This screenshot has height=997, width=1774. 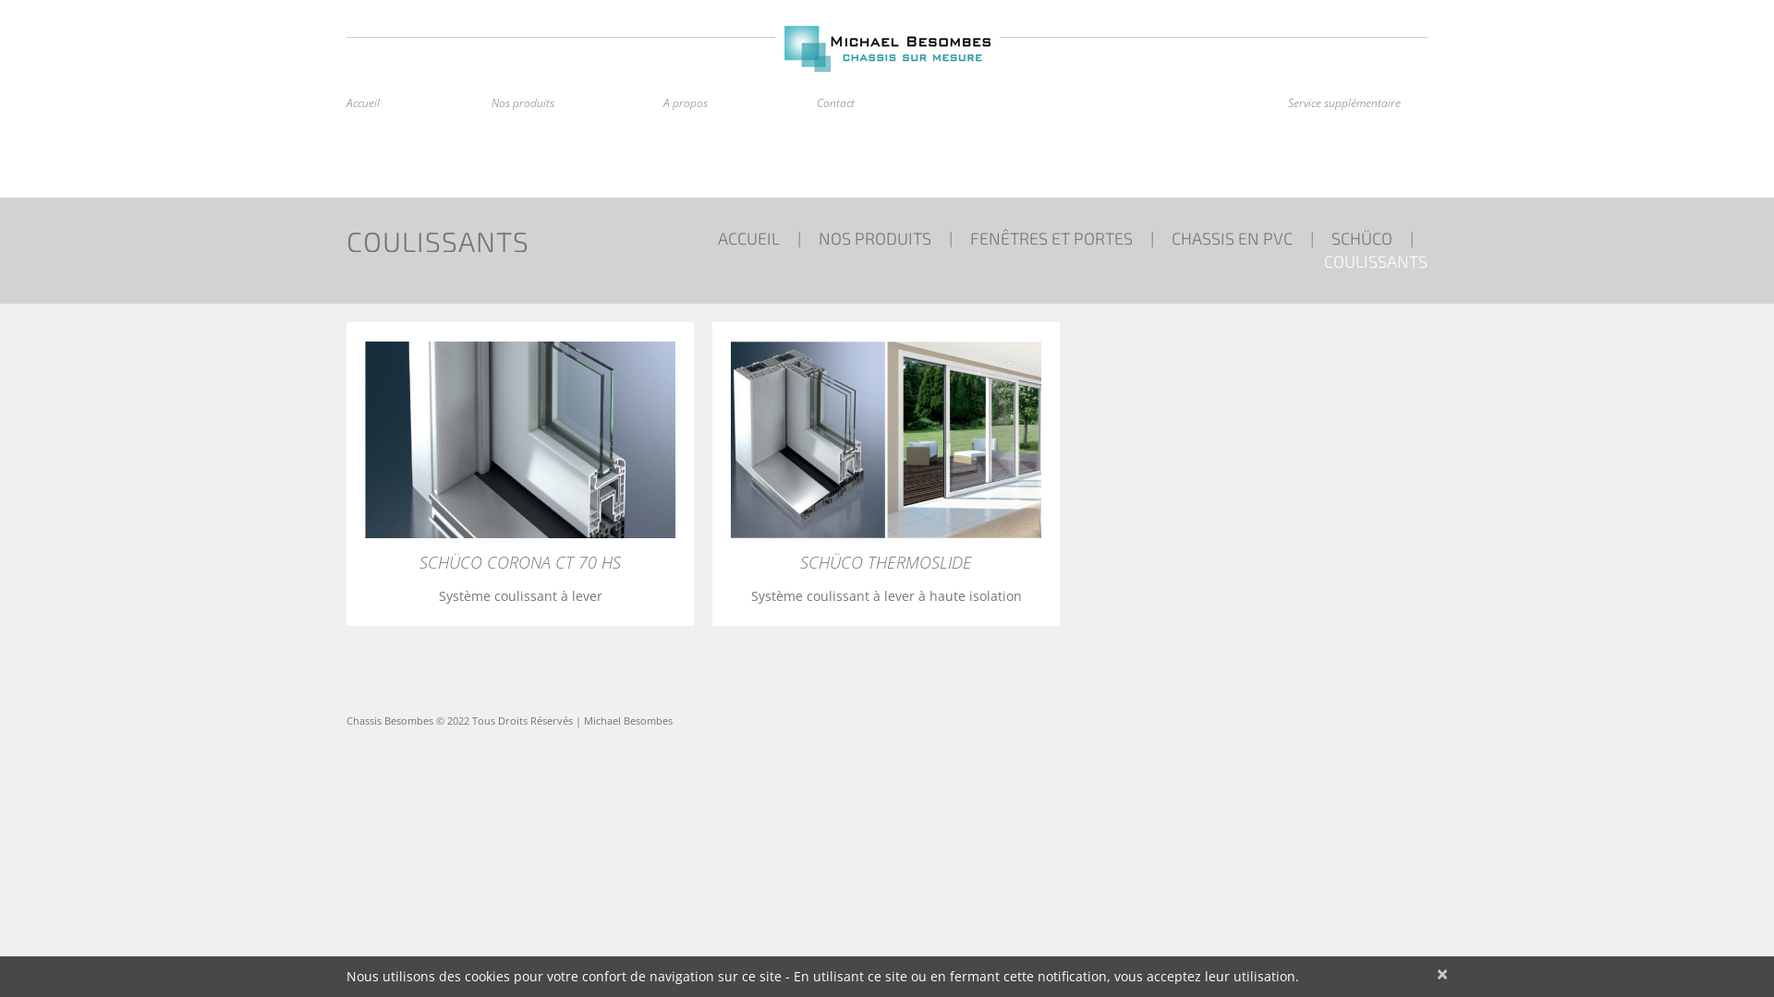 What do you see at coordinates (363, 102) in the screenshot?
I see `'Accueil'` at bounding box center [363, 102].